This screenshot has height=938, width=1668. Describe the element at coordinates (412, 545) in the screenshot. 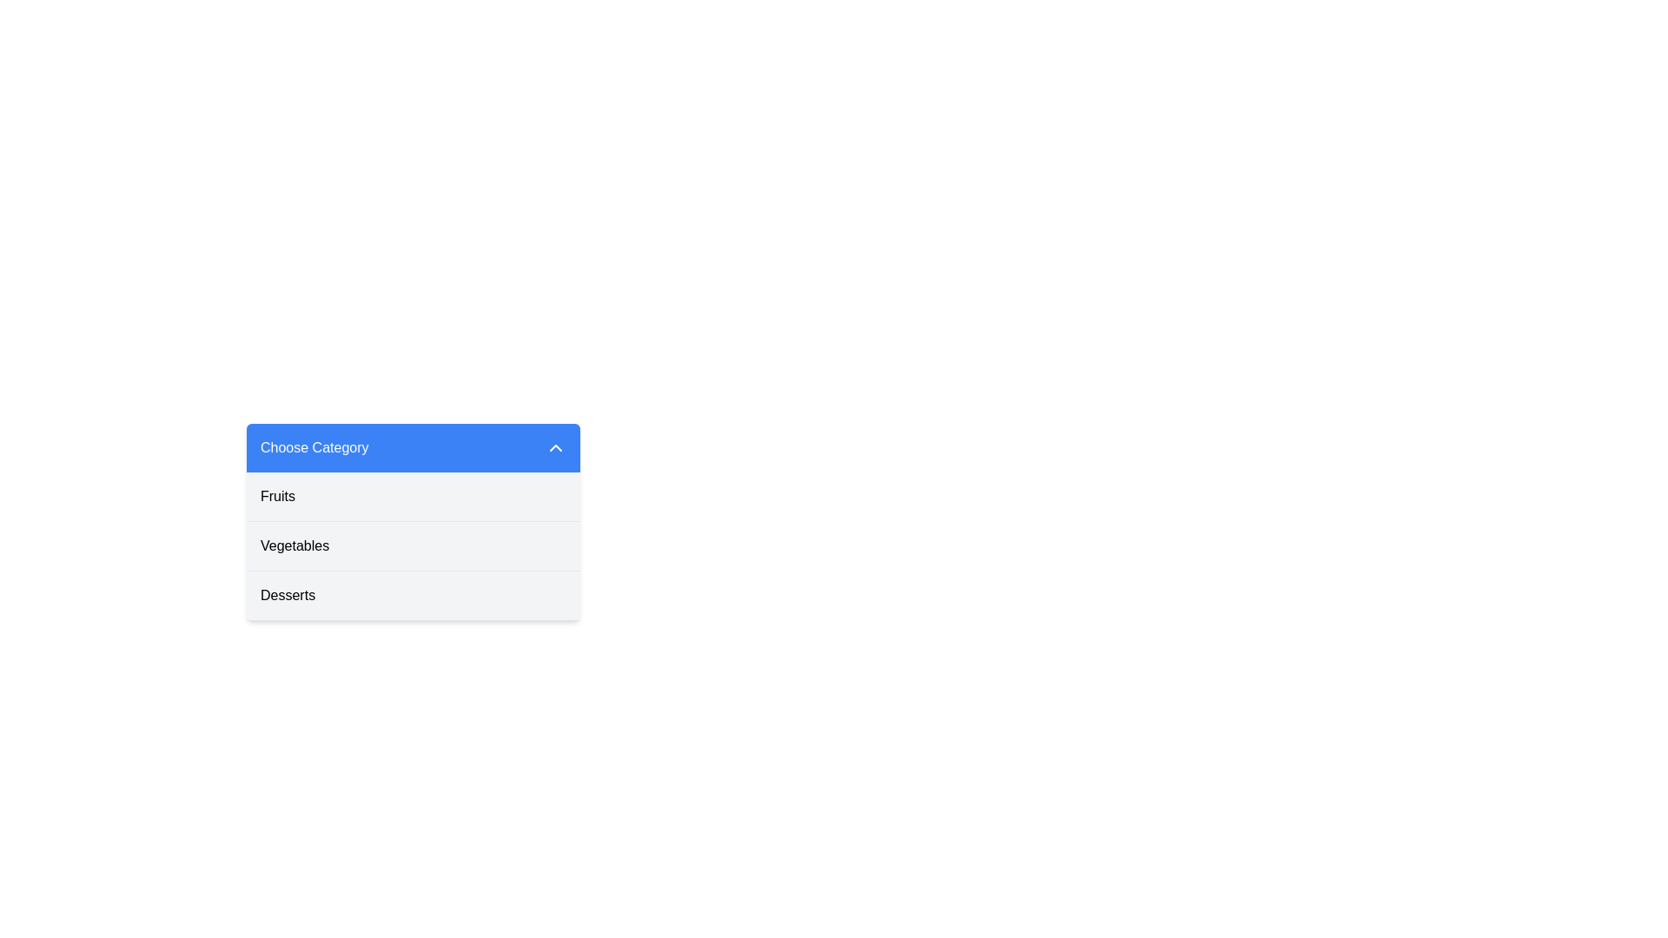

I see `the second item in the category selection list, which represents the 'Vegetables' category` at that location.